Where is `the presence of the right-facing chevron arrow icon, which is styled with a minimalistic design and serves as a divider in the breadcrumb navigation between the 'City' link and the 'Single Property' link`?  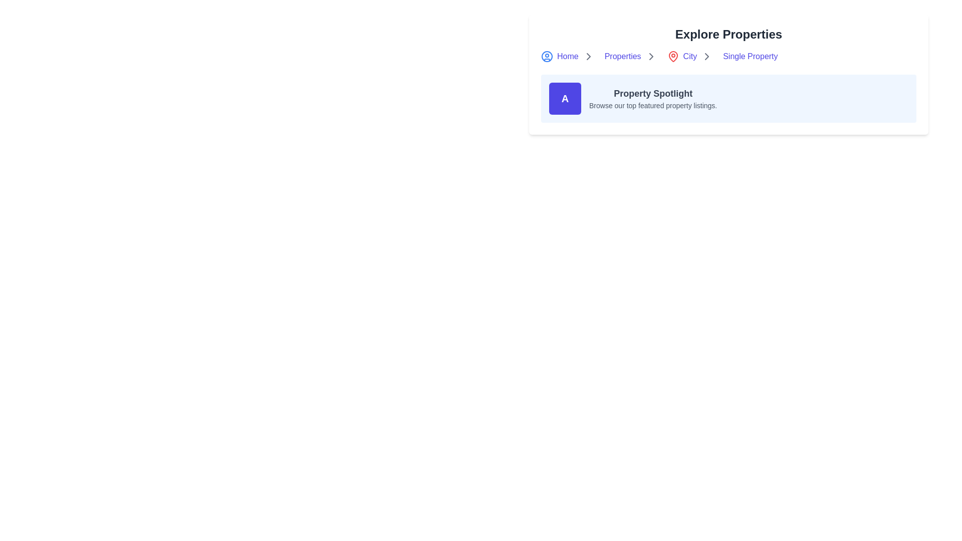 the presence of the right-facing chevron arrow icon, which is styled with a minimalistic design and serves as a divider in the breadcrumb navigation between the 'City' link and the 'Single Property' link is located at coordinates (706, 56).